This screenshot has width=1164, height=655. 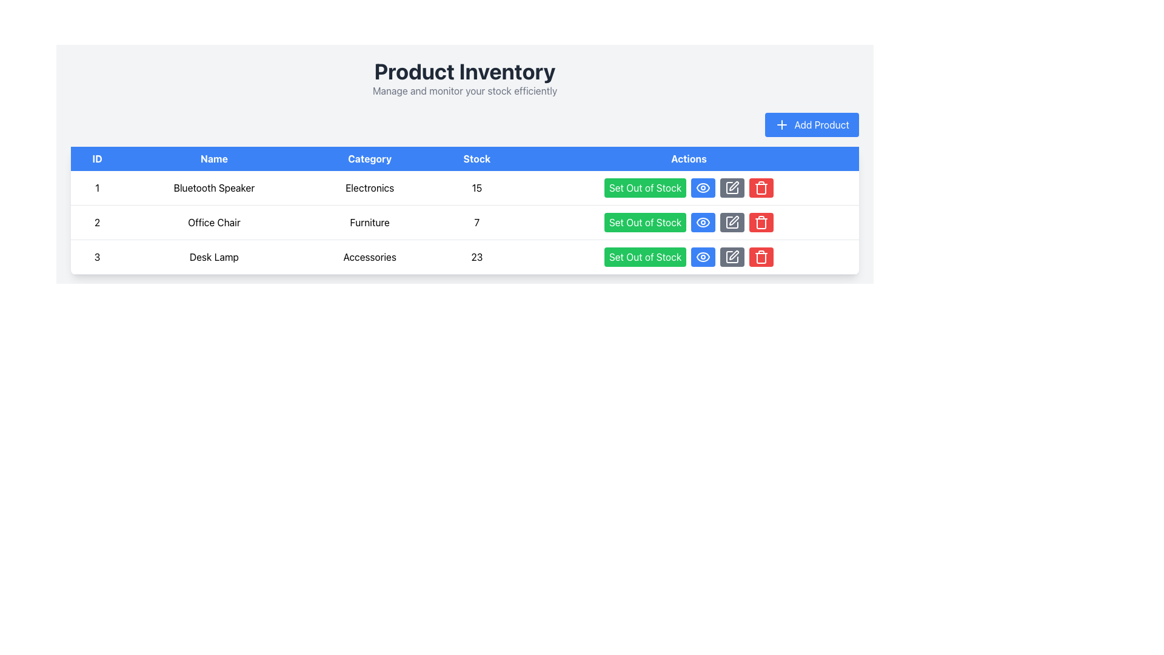 I want to click on the text display element that shows the number '7' in the 'Stock' column for 'Office Chair' in the inventory list, so click(x=476, y=222).